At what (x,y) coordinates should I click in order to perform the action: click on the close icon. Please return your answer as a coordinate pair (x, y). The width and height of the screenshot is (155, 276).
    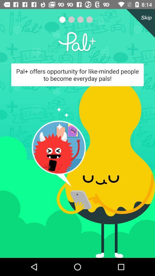
    Looking at the image, I should click on (139, 23).